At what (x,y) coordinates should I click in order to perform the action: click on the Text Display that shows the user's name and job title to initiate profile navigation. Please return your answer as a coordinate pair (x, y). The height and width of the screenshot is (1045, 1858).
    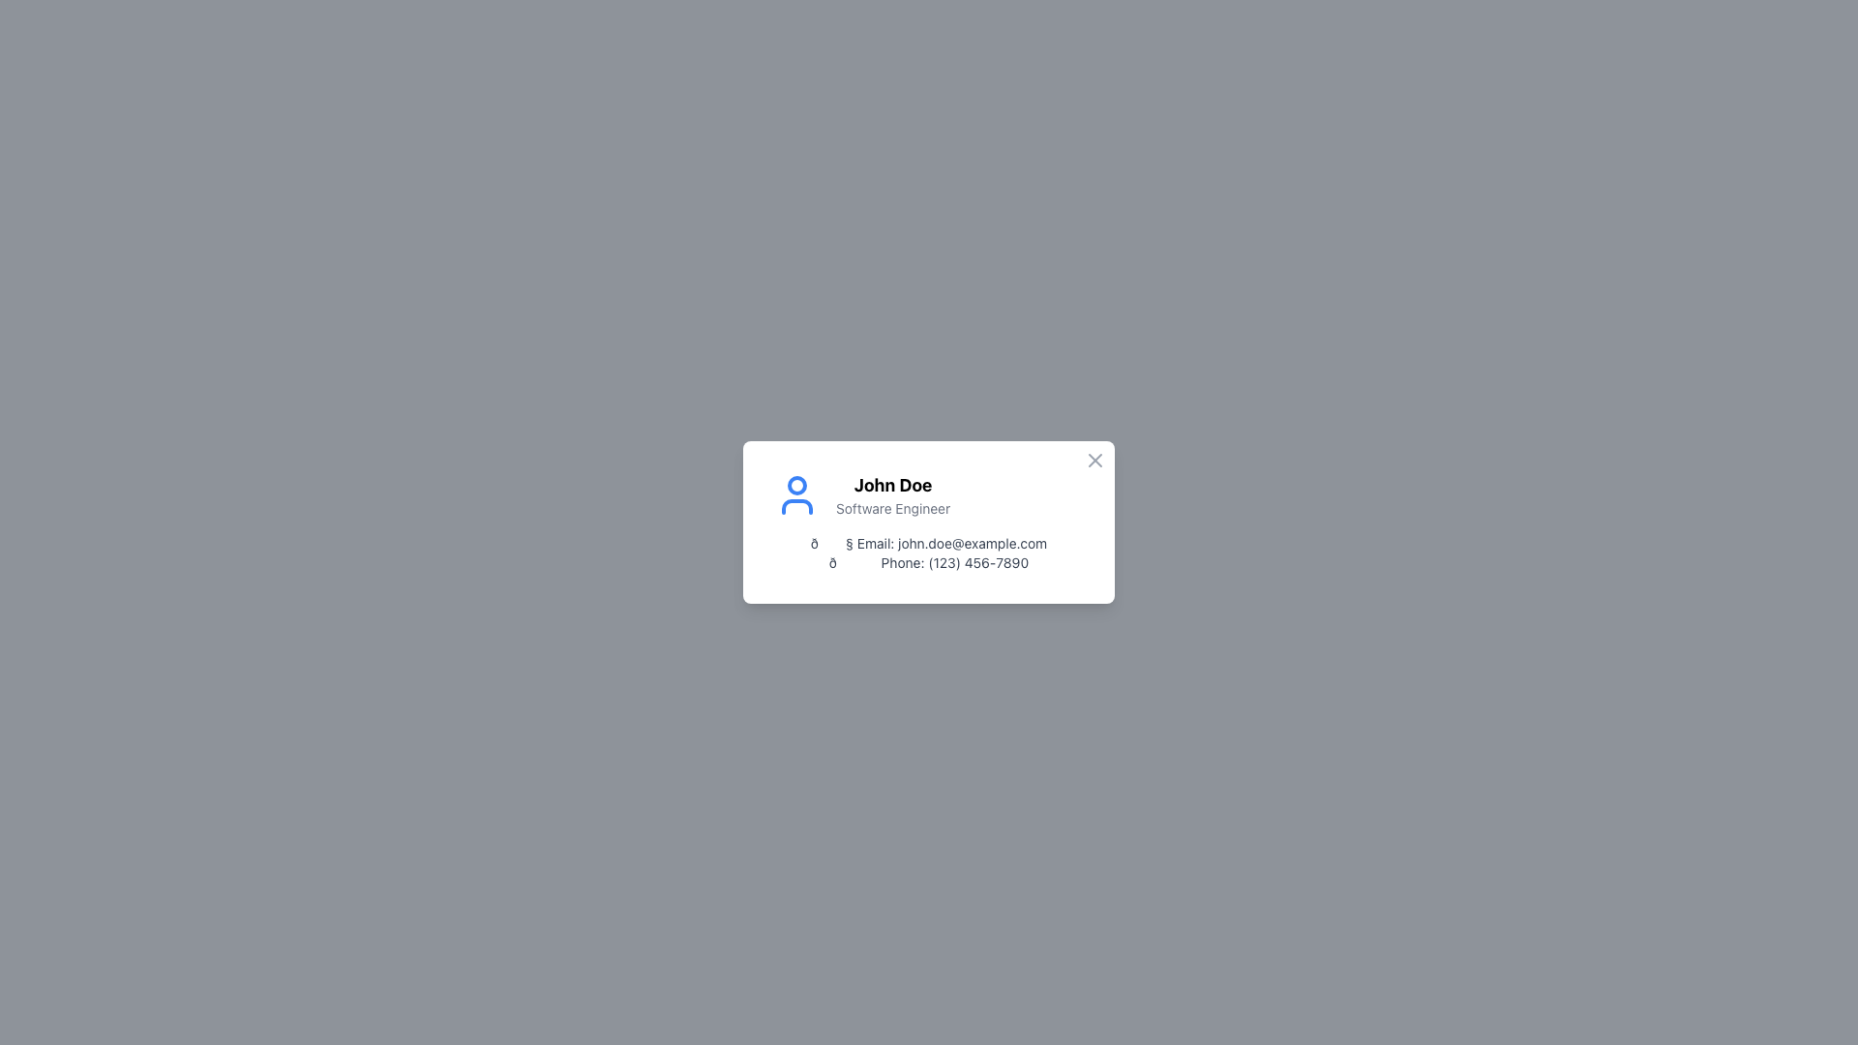
    Looking at the image, I should click on (891, 494).